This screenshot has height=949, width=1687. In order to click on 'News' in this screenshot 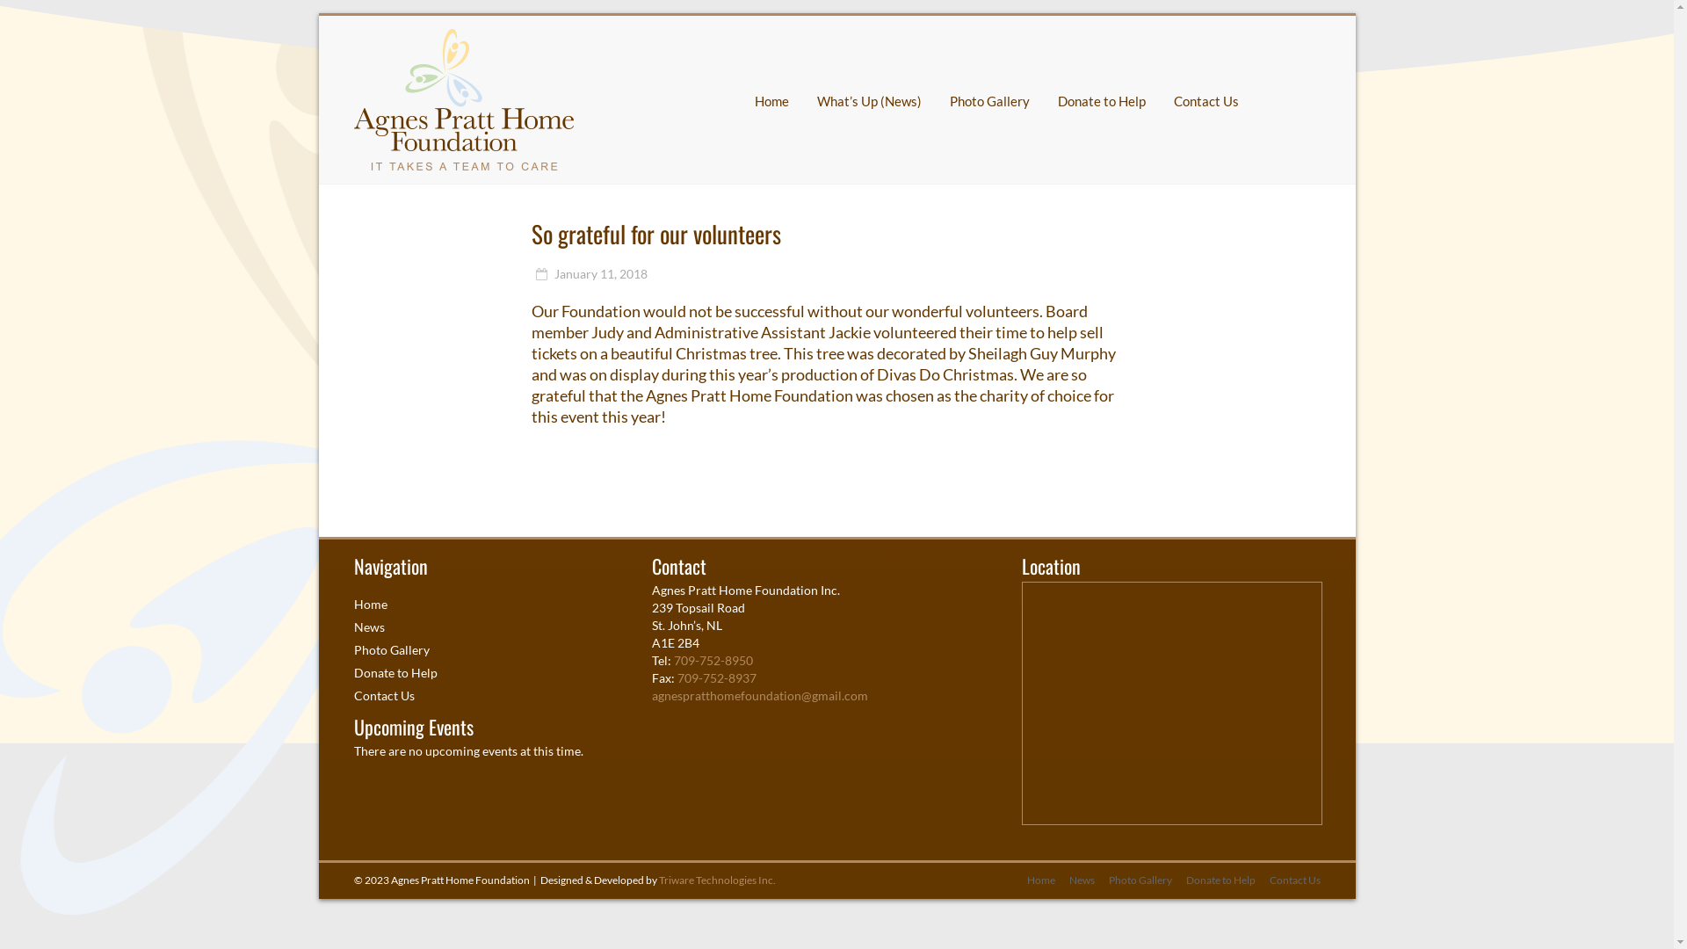, I will do `click(1073, 880)`.